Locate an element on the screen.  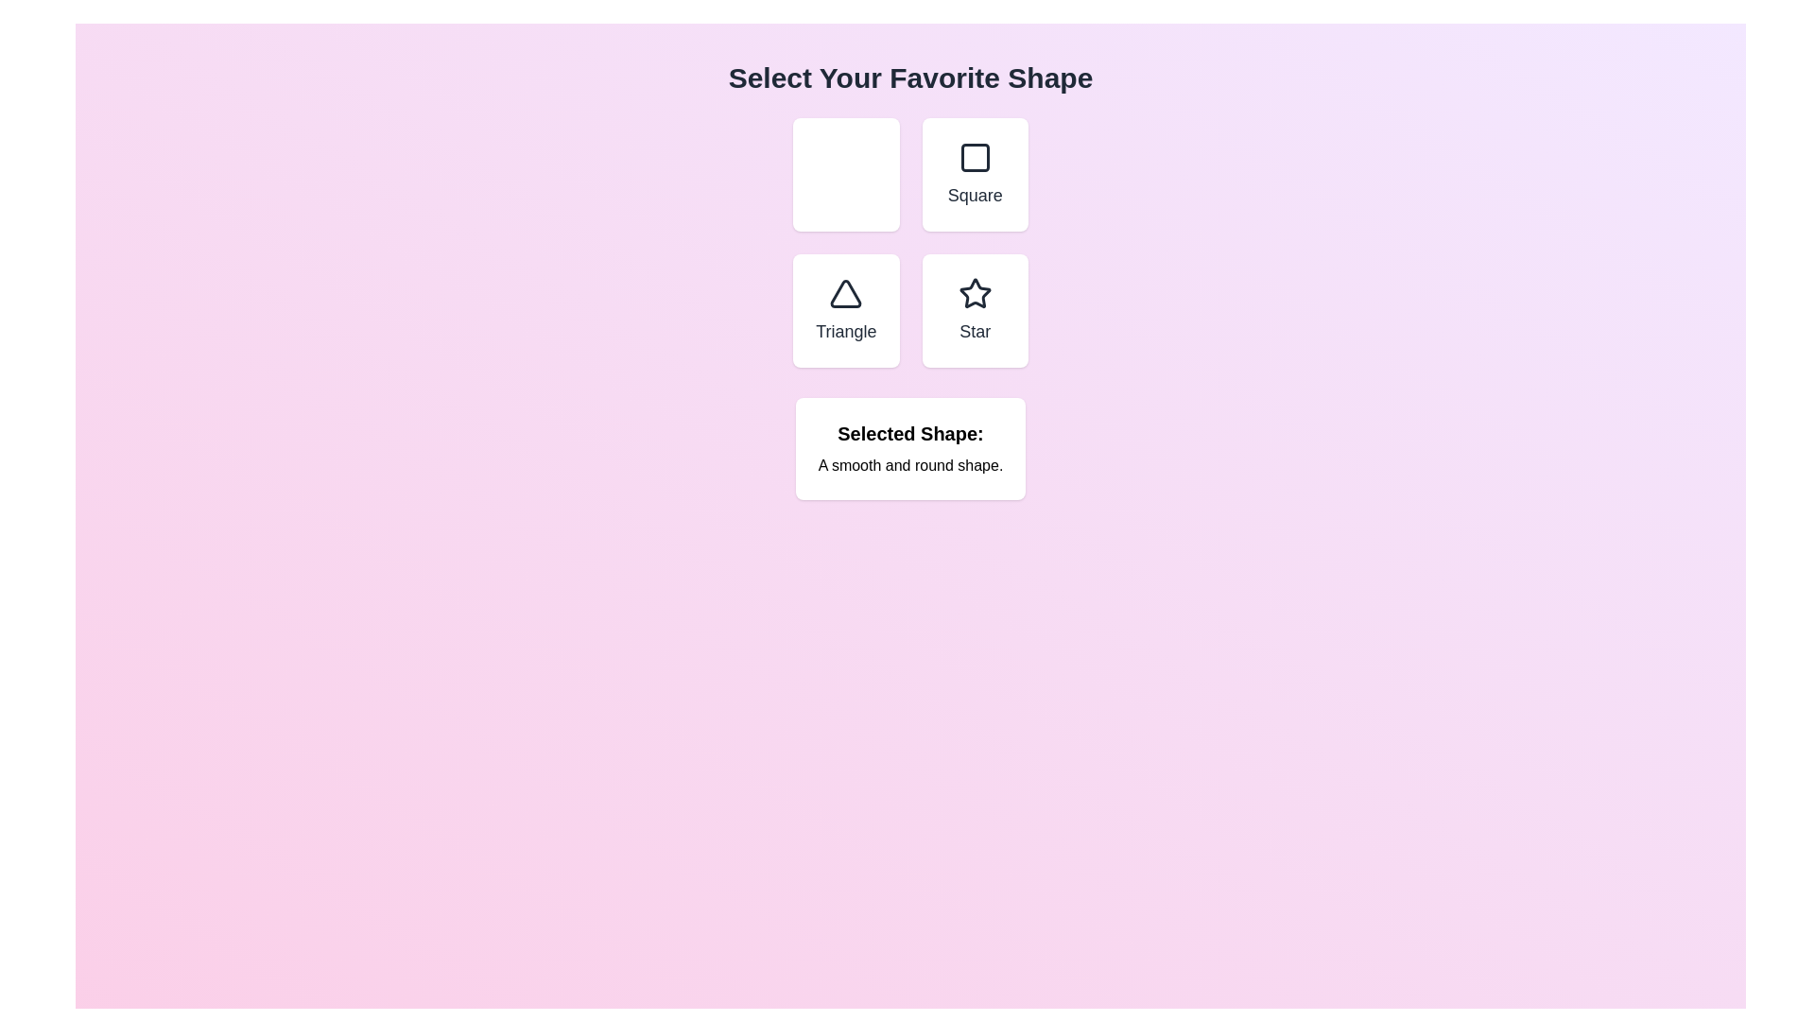
the shape triangle by clicking its corresponding button is located at coordinates (844, 309).